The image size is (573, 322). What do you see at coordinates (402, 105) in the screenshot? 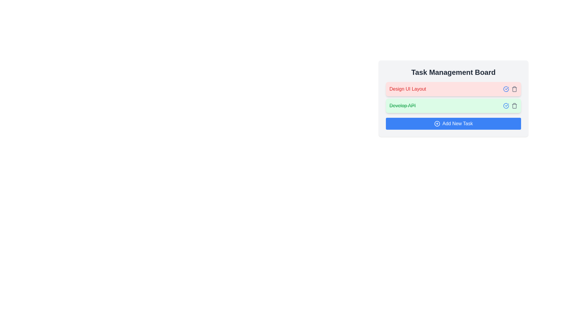
I see `the text label displaying 'Develop API', which is styled with a line-through and is centered within its light green background in the task management board` at bounding box center [402, 105].